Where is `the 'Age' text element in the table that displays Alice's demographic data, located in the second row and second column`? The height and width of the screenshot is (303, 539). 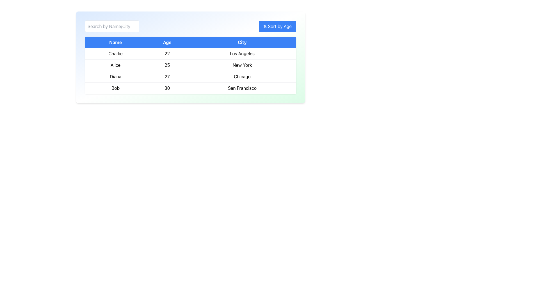 the 'Age' text element in the table that displays Alice's demographic data, located in the second row and second column is located at coordinates (167, 65).